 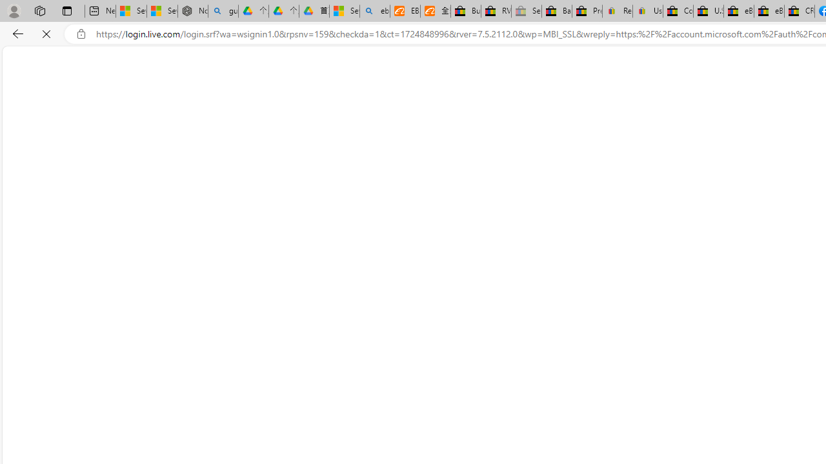 What do you see at coordinates (587, 11) in the screenshot?
I see `'Press Room - eBay Inc.'` at bounding box center [587, 11].